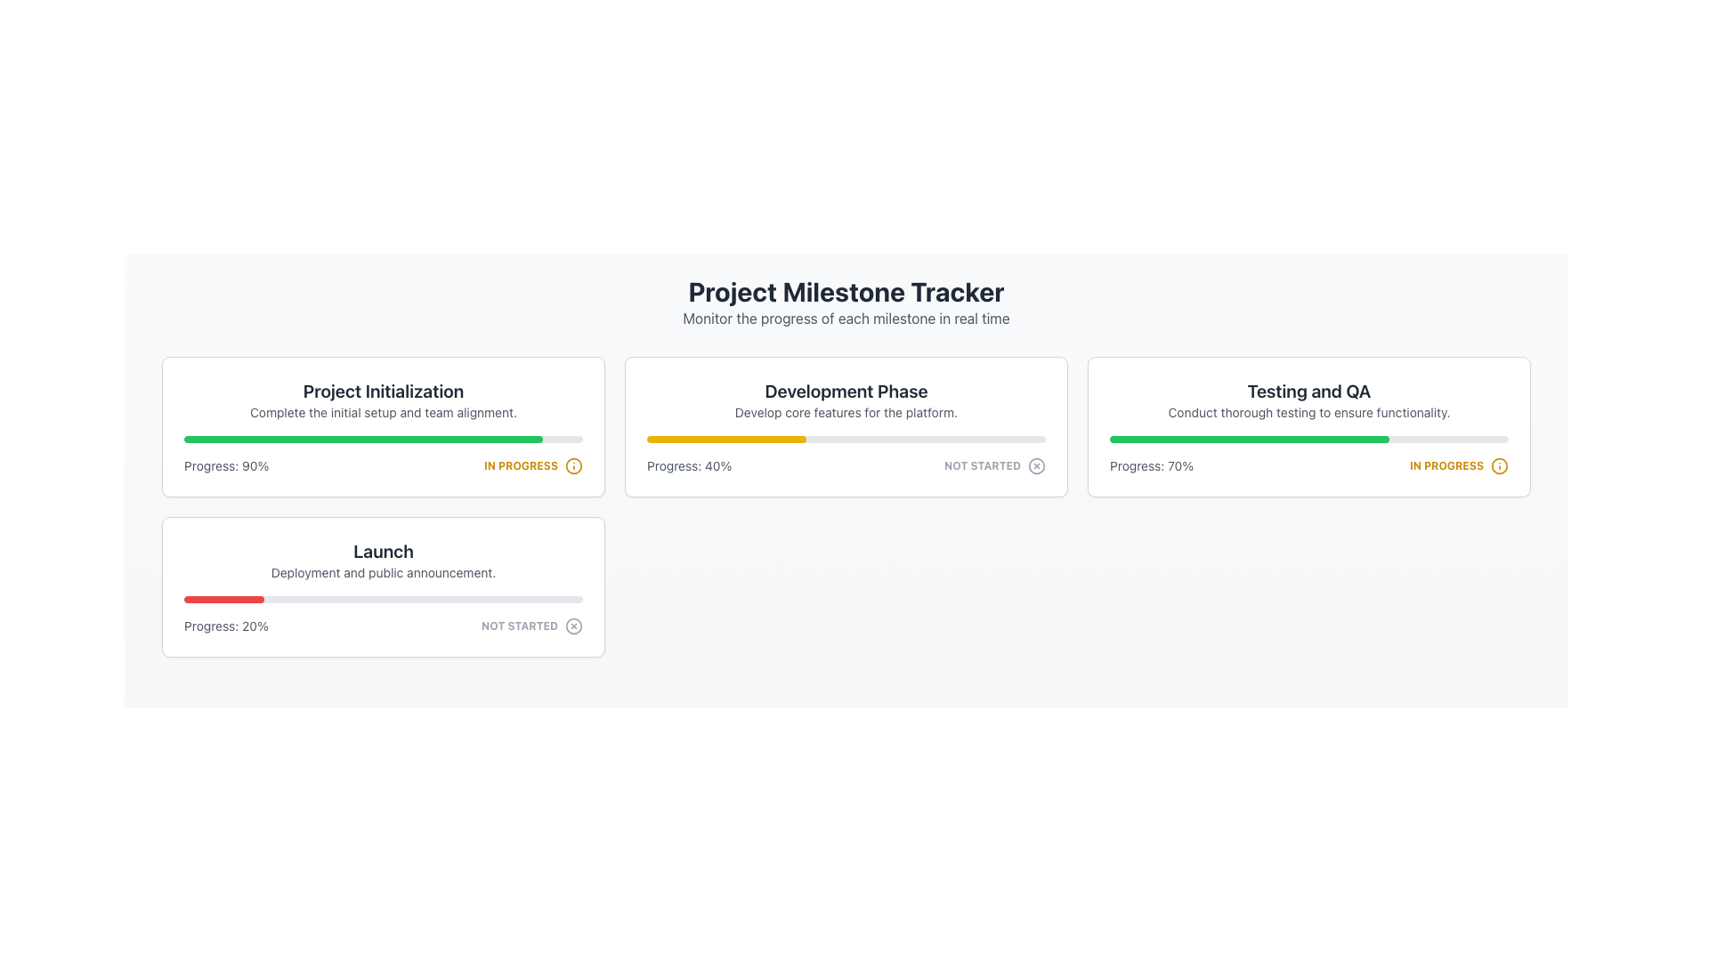 The image size is (1709, 961). Describe the element at coordinates (225, 465) in the screenshot. I see `the text label displaying 'Progress: 90%' located in the 'Project Initialization' section of the interface` at that location.